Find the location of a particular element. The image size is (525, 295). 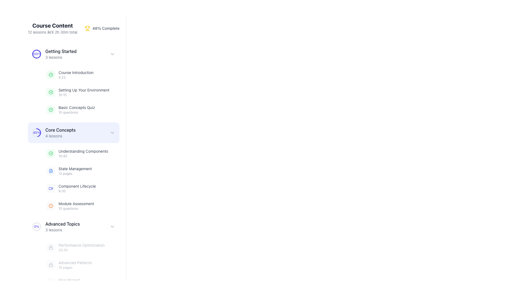

the green circular icon with a checkmark symbol inside, indicating the completion of the 'Setting Up Your Environment' lesson item in the 'Getting Started' menu is located at coordinates (51, 110).